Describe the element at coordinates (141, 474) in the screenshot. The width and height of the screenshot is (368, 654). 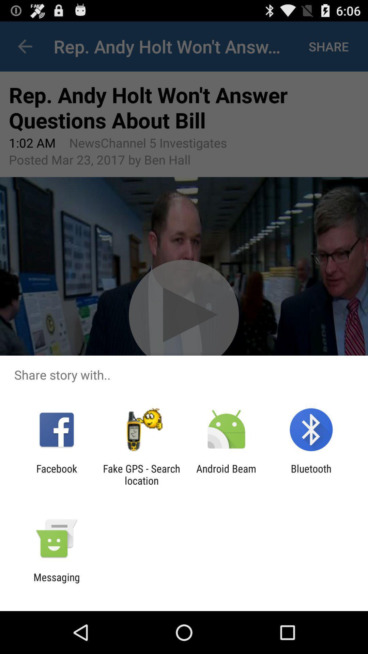
I see `the item to the left of the android beam` at that location.